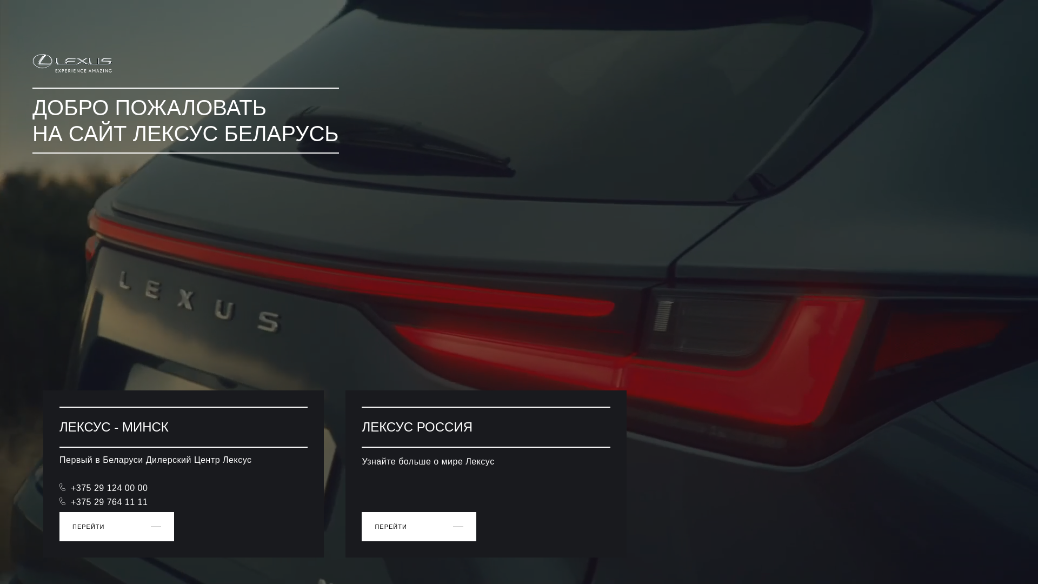 Image resolution: width=1038 pixels, height=584 pixels. Describe the element at coordinates (103, 488) in the screenshot. I see `'+375 29 124 00 00'` at that location.